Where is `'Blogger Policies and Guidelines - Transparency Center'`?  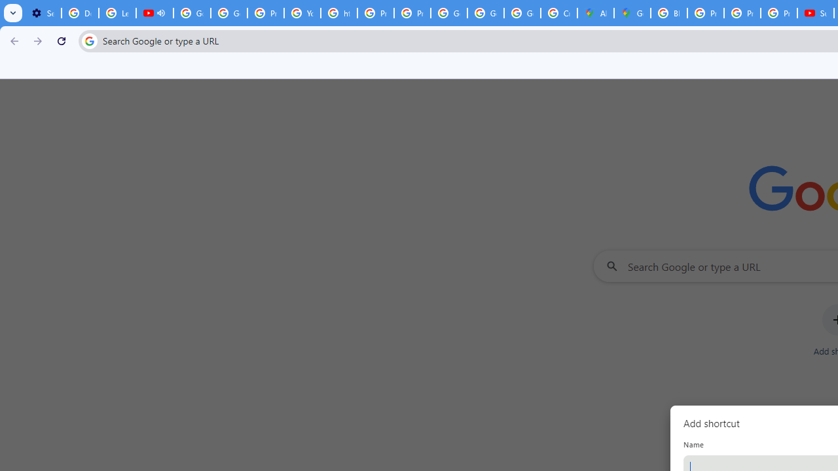 'Blogger Policies and Guidelines - Transparency Center' is located at coordinates (669, 13).